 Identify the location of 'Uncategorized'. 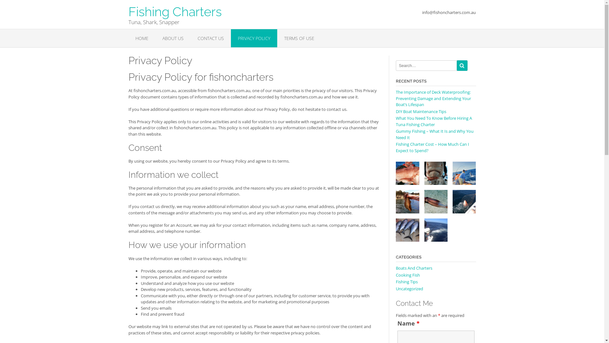
(409, 289).